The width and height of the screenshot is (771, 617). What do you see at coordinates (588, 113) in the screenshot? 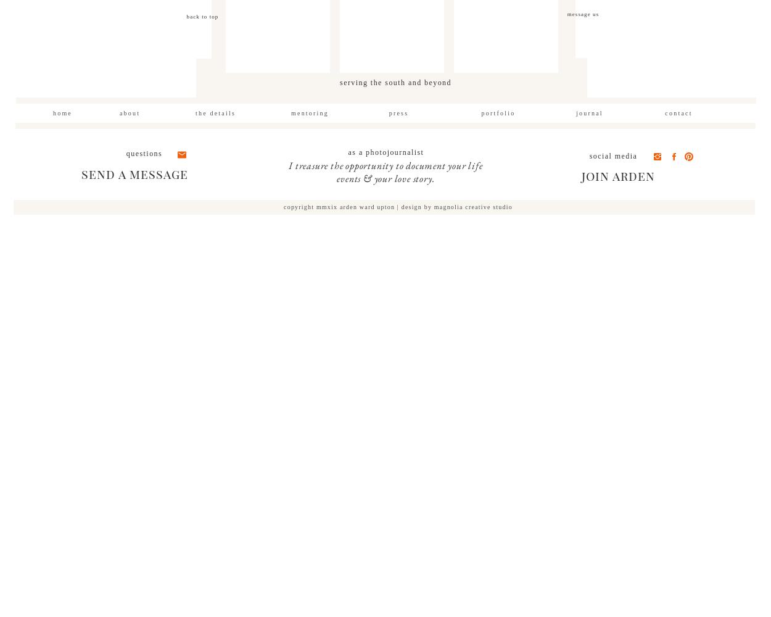
I see `'JOURNAL'` at bounding box center [588, 113].